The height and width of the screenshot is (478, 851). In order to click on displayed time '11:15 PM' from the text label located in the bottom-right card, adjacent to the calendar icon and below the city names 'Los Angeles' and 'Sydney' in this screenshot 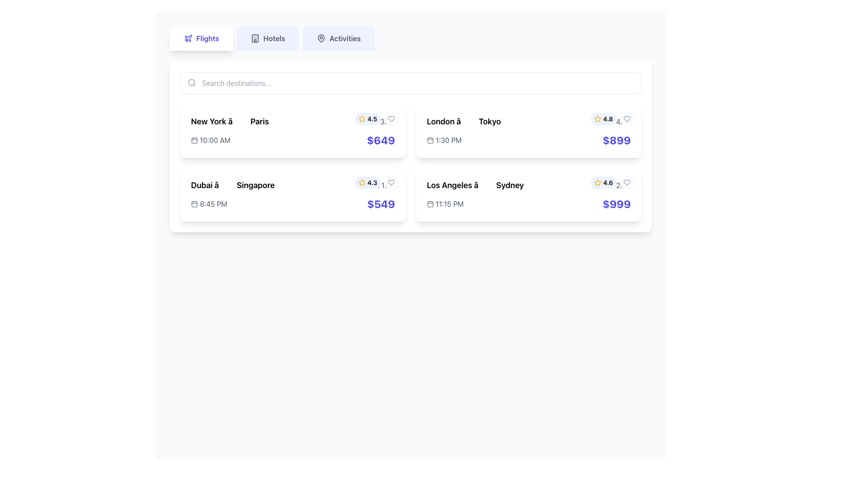, I will do `click(449, 204)`.